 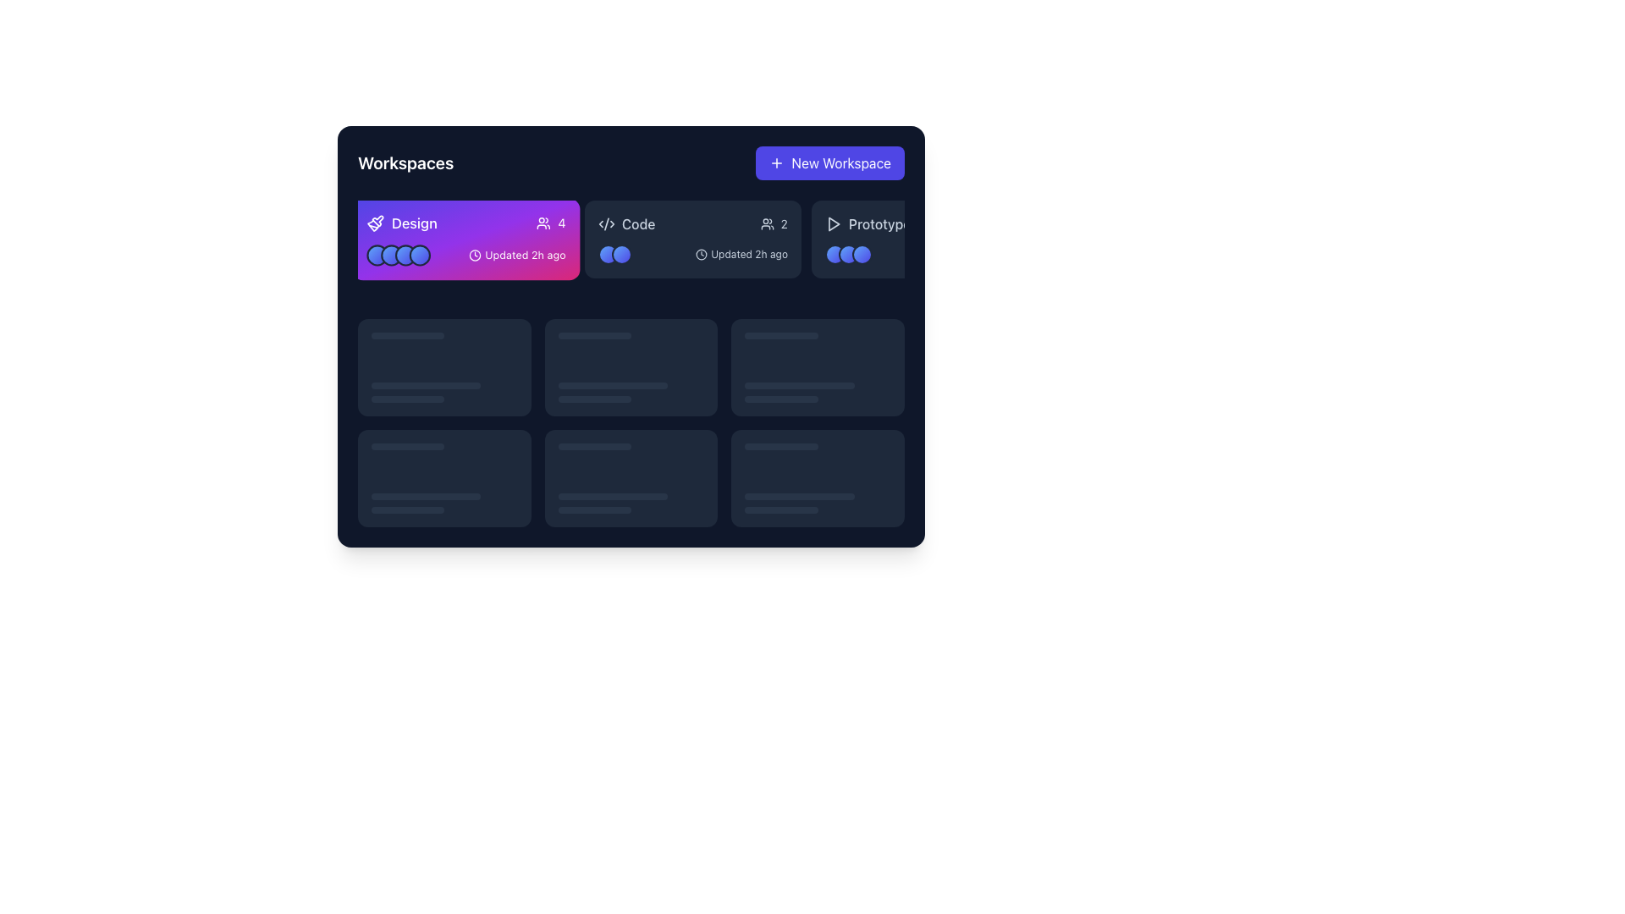 I want to click on the design of the 'Design' icon located to the left of the 'Design' button in the top-left grid of the interface, so click(x=374, y=223).